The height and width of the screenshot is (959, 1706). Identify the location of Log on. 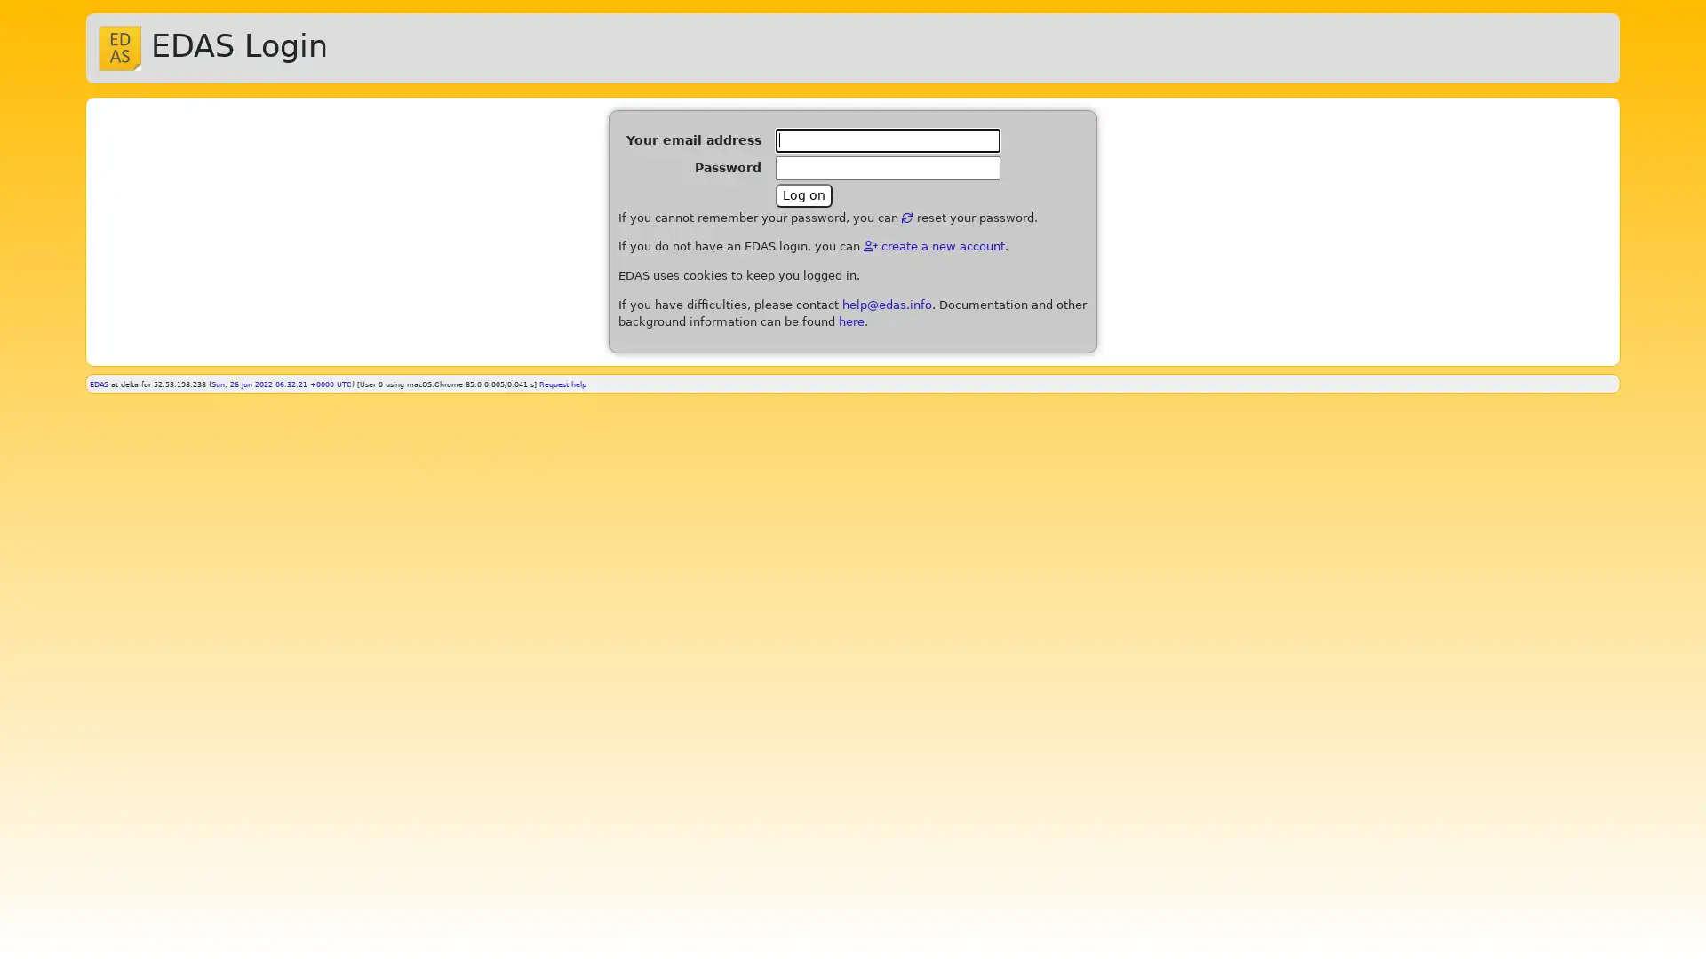
(803, 194).